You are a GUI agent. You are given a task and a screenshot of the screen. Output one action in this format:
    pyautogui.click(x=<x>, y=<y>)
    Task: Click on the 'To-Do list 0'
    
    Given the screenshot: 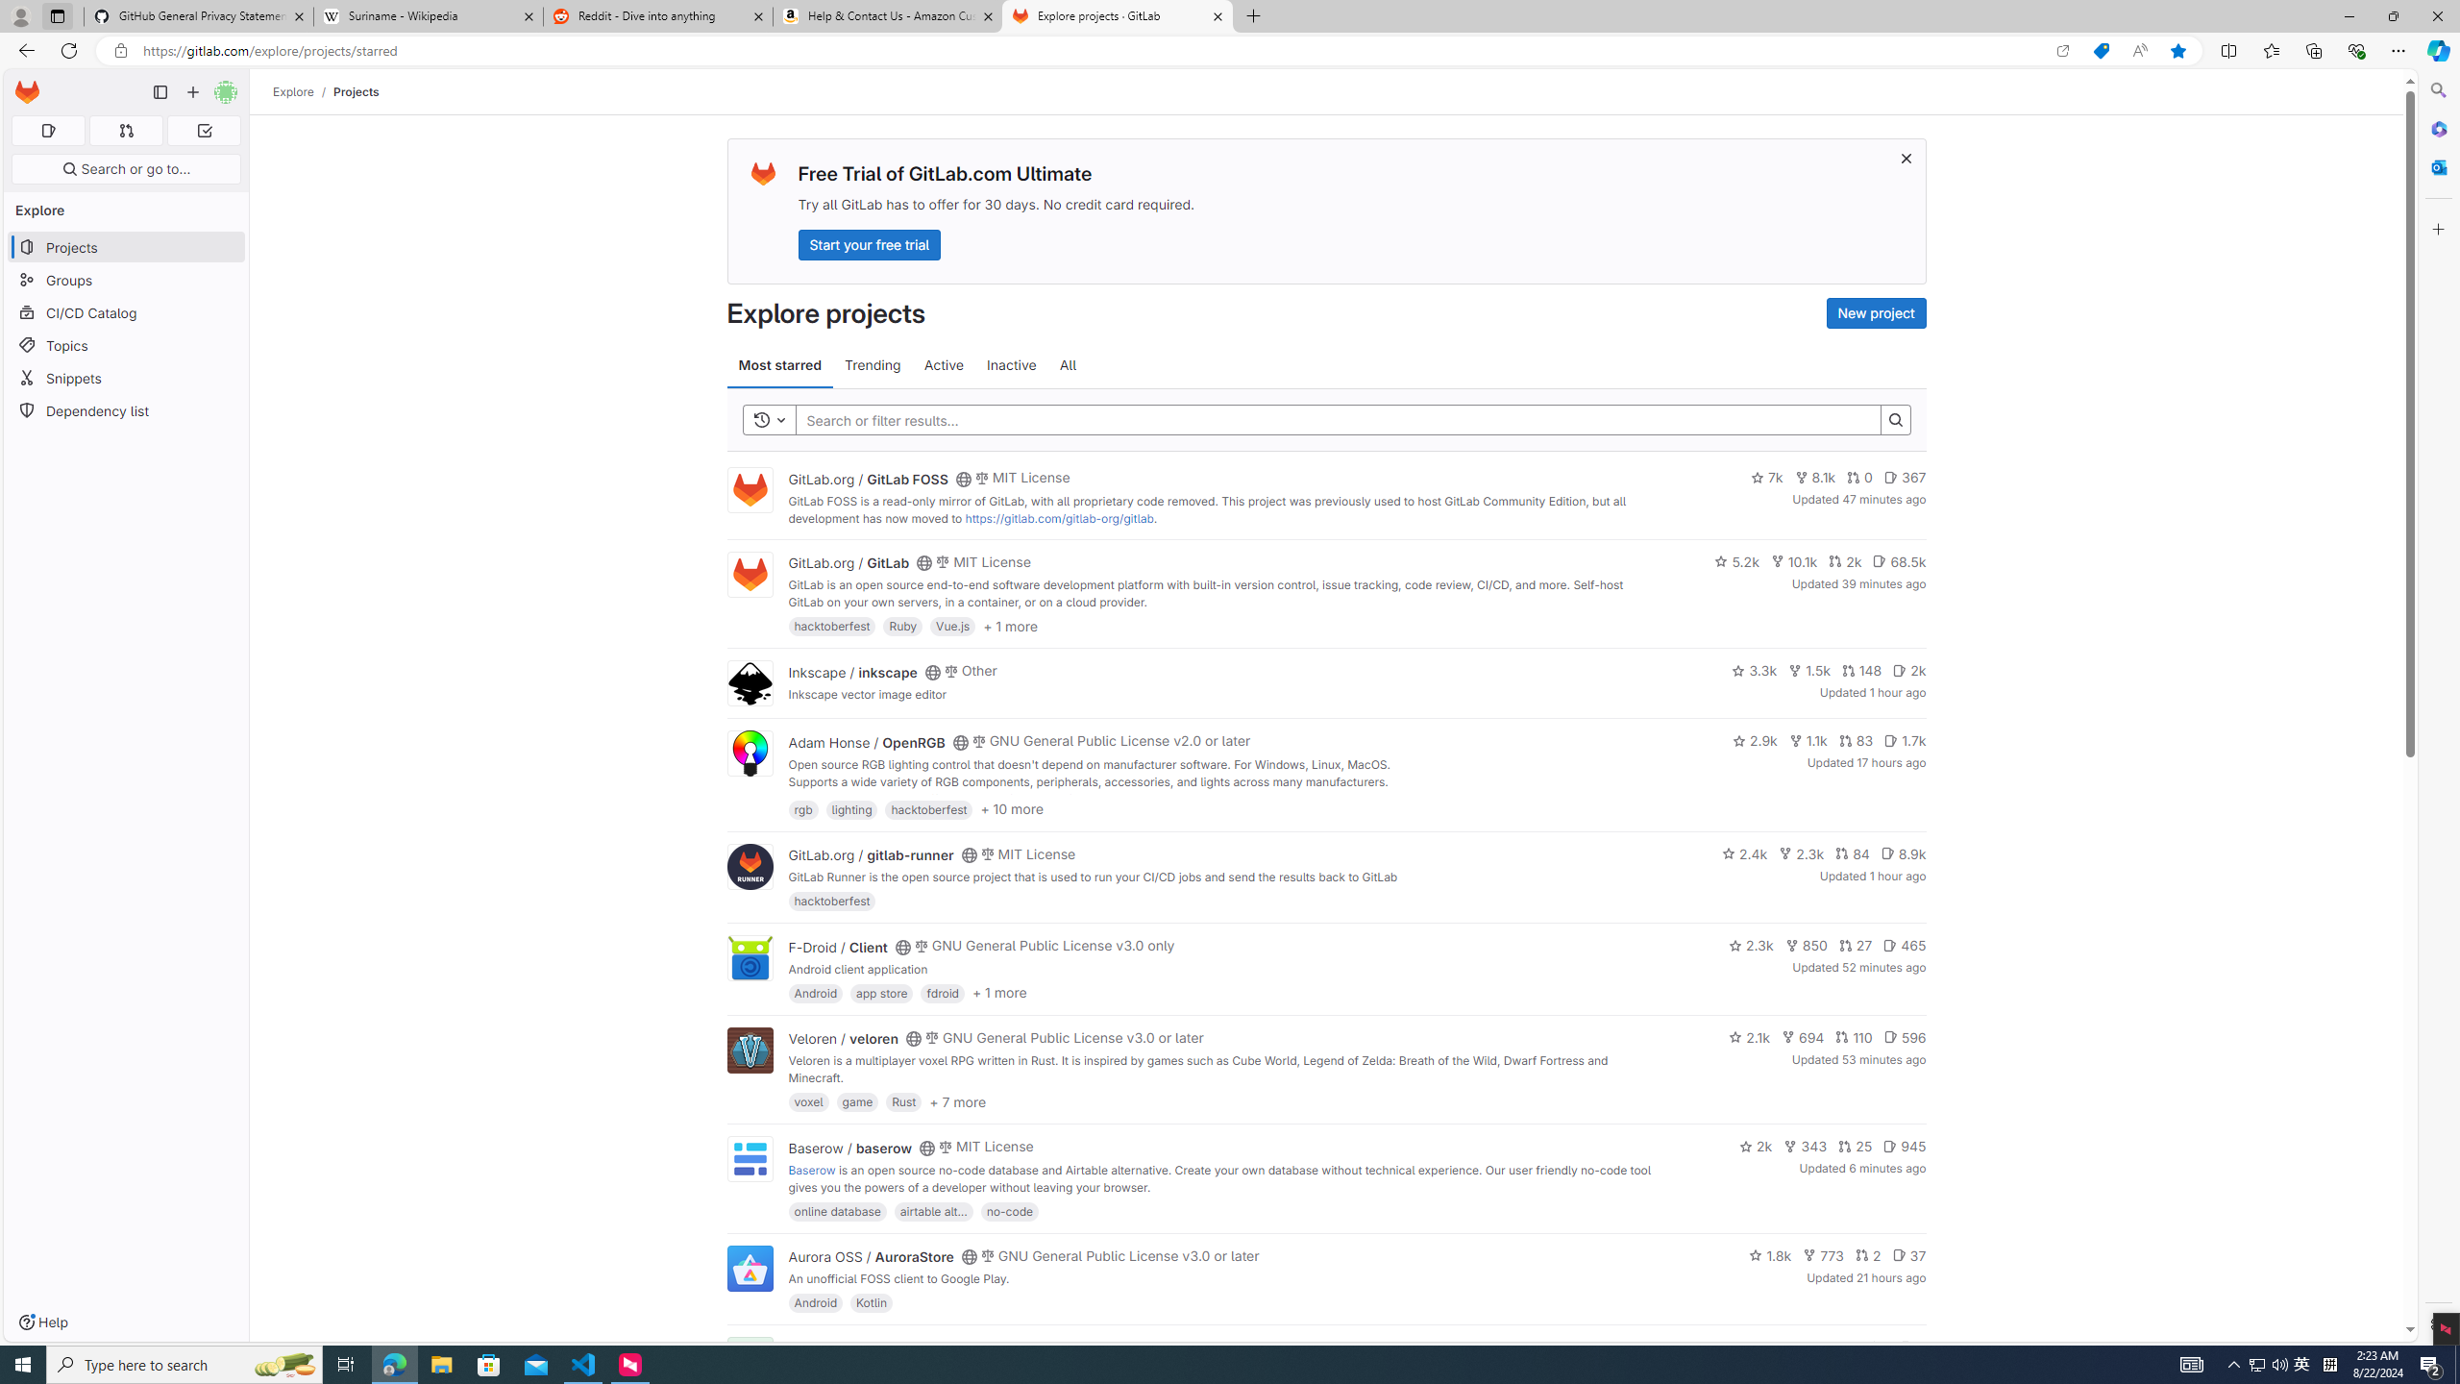 What is the action you would take?
    pyautogui.click(x=203, y=130)
    